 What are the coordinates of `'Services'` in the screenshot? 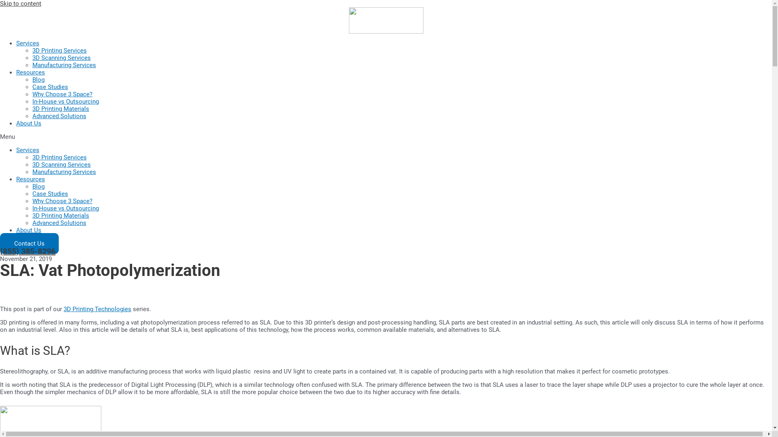 It's located at (16, 150).